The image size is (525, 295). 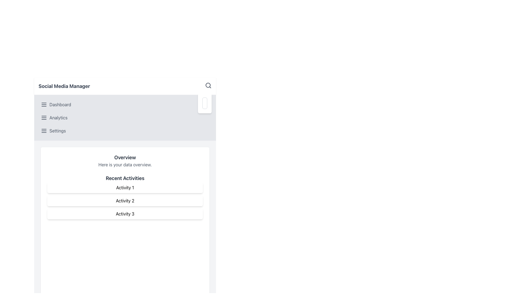 What do you see at coordinates (125, 117) in the screenshot?
I see `the 'Analytics' navigation menu item located in the sidebar` at bounding box center [125, 117].